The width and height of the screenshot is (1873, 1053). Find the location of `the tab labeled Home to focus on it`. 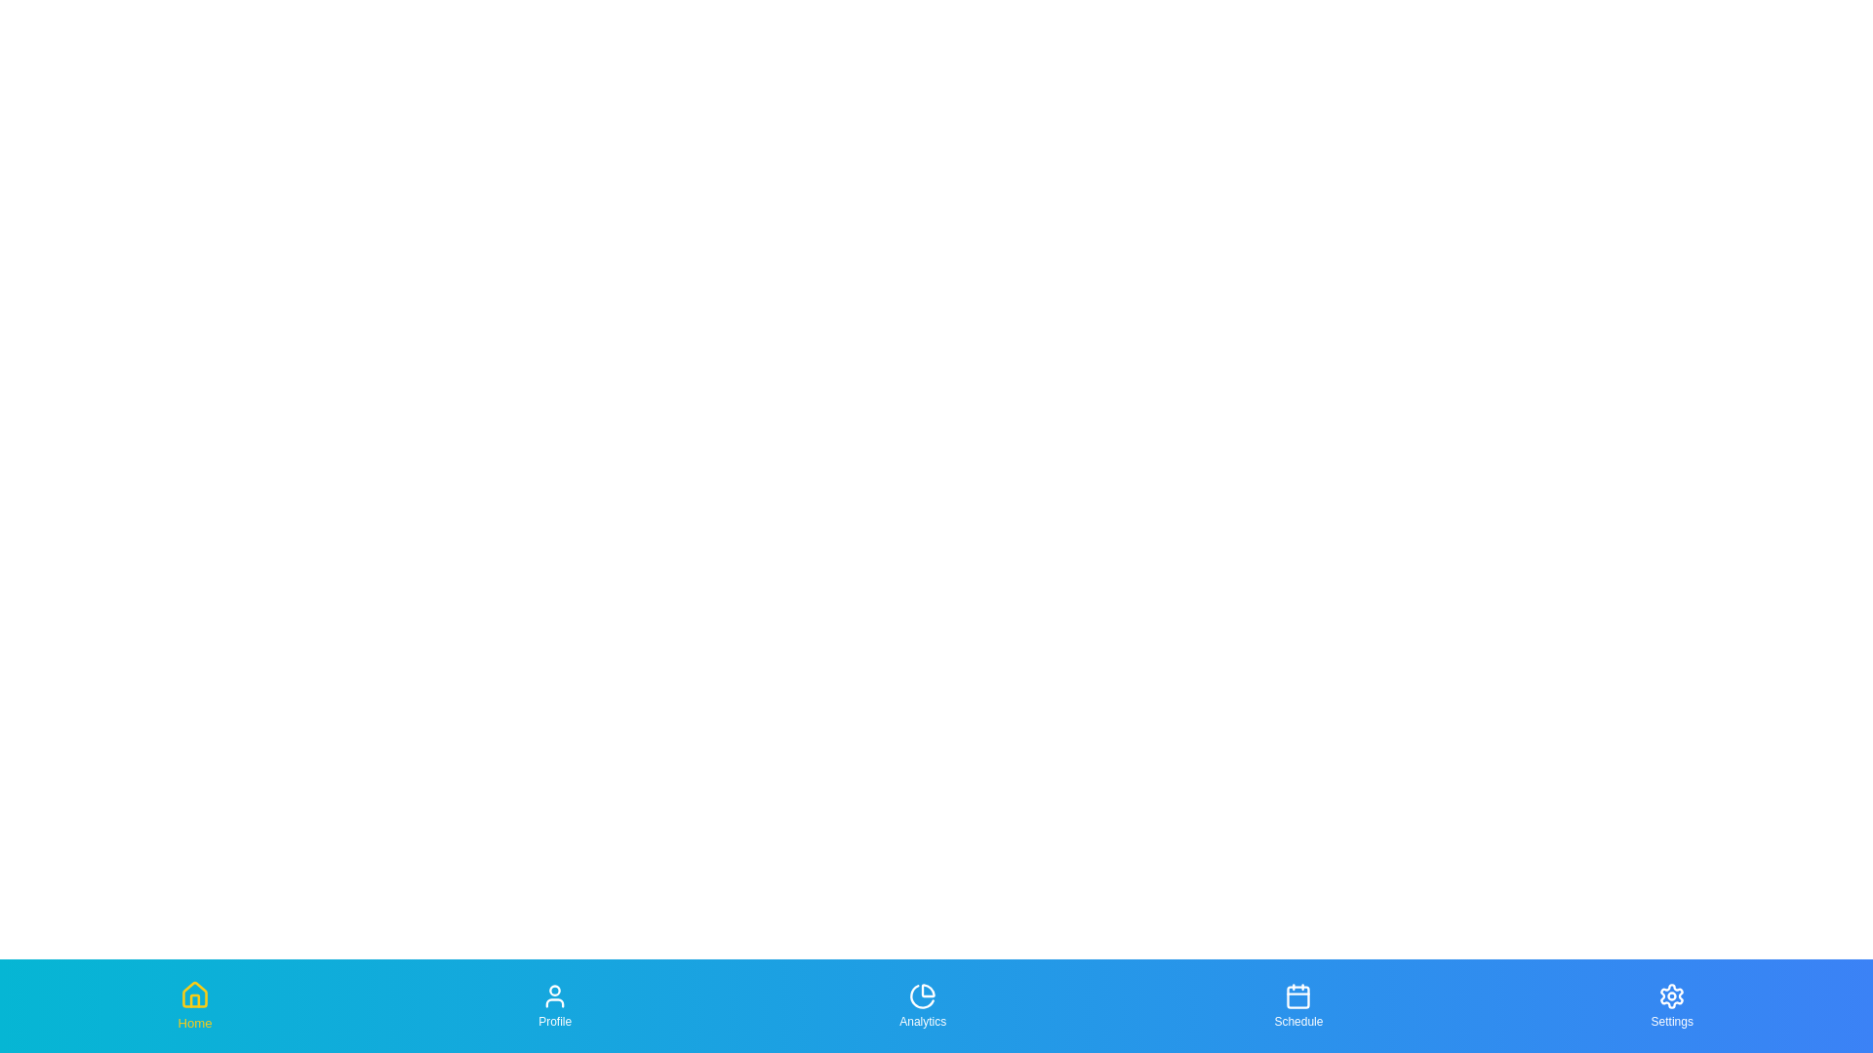

the tab labeled Home to focus on it is located at coordinates (195, 1006).